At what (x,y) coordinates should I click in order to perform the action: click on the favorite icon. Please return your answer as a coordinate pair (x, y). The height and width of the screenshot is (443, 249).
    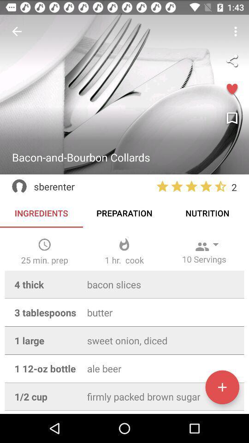
    Looking at the image, I should click on (231, 90).